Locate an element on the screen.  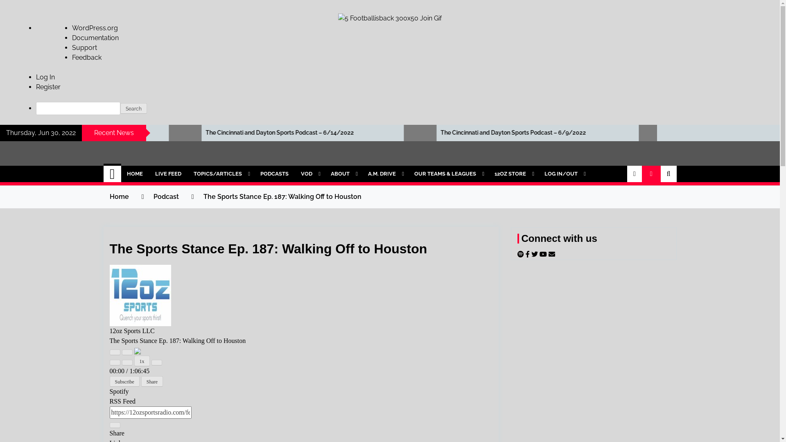
'Log In' is located at coordinates (45, 77).